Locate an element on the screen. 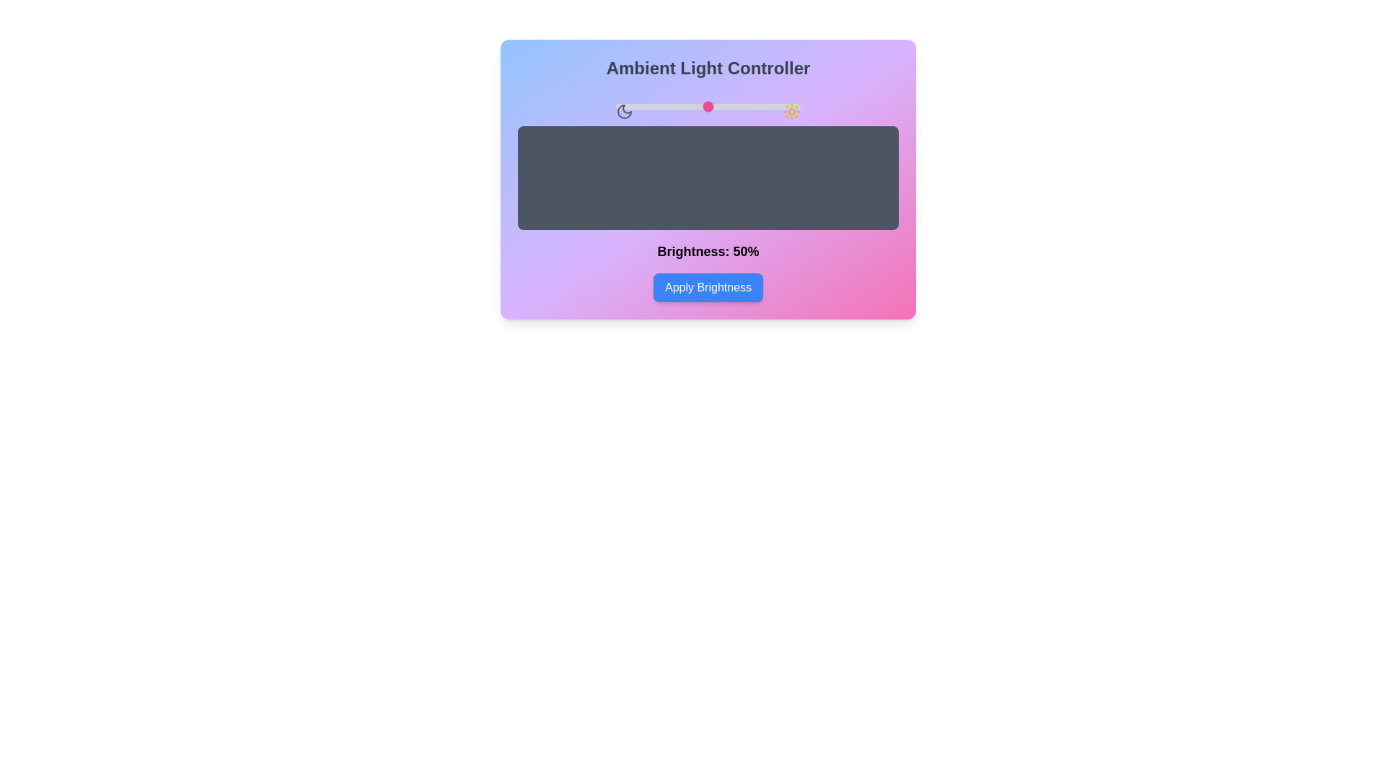 This screenshot has width=1385, height=779. the brightness slider to 4% is located at coordinates (623, 105).